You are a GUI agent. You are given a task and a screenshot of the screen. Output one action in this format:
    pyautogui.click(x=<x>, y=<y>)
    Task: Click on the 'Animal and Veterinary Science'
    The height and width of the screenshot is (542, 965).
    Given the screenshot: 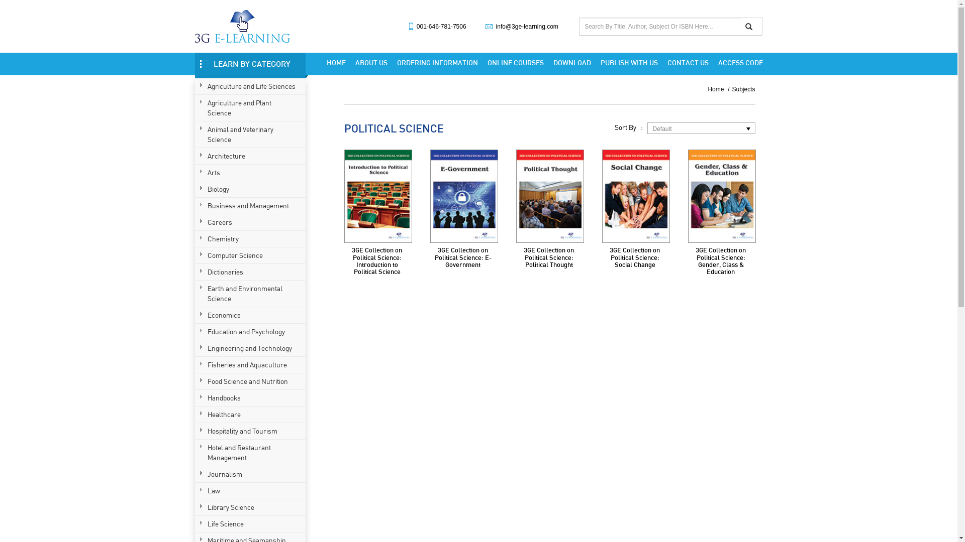 What is the action you would take?
    pyautogui.click(x=251, y=133)
    